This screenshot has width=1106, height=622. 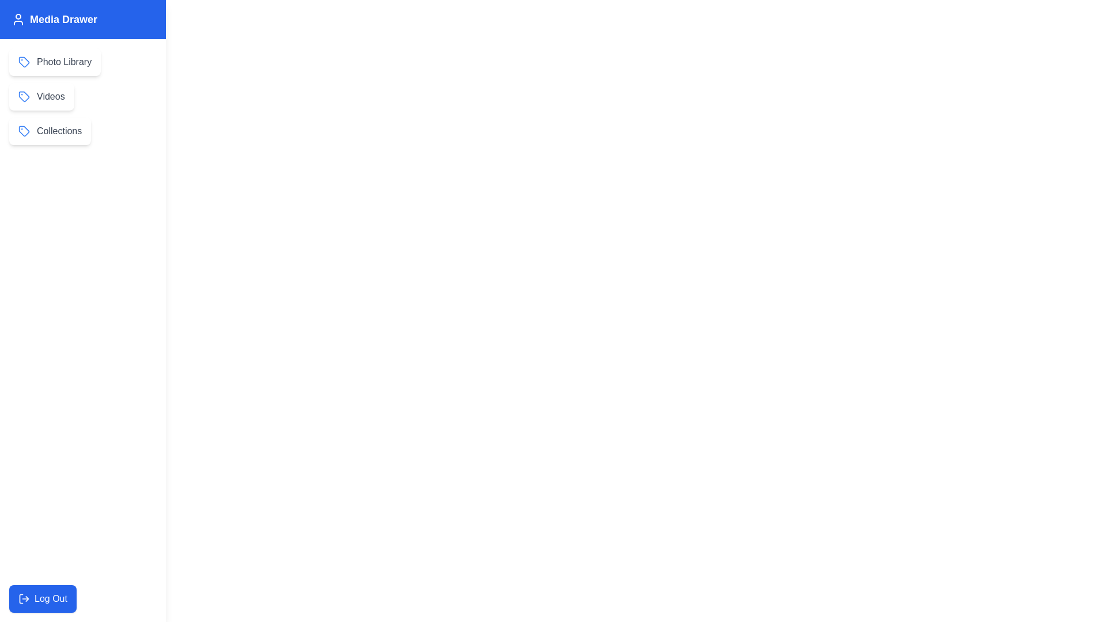 What do you see at coordinates (82, 20) in the screenshot?
I see `the Media Drawer title bar` at bounding box center [82, 20].